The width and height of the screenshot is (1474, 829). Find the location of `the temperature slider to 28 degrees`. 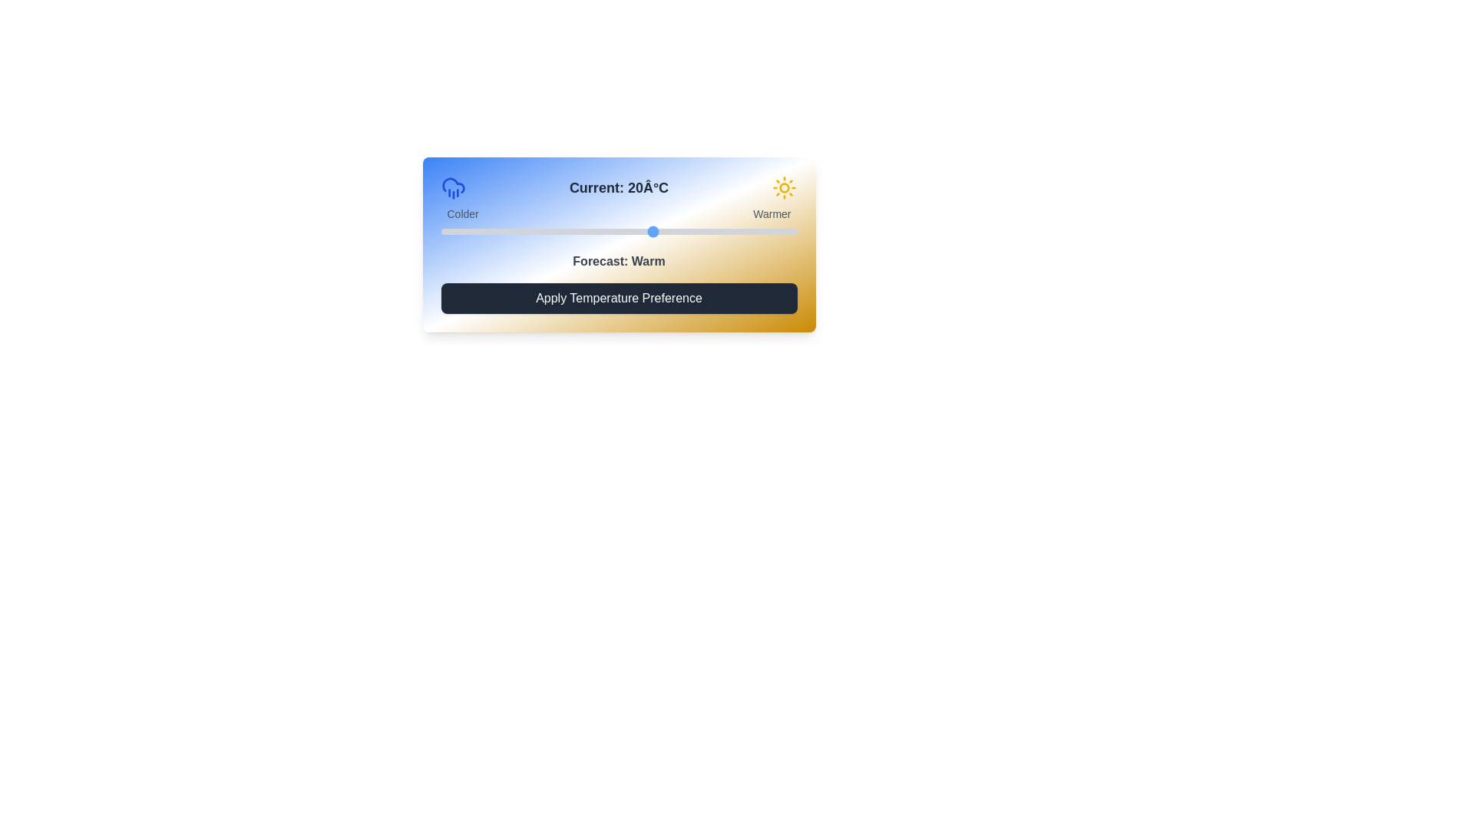

the temperature slider to 28 degrees is located at coordinates (711, 231).